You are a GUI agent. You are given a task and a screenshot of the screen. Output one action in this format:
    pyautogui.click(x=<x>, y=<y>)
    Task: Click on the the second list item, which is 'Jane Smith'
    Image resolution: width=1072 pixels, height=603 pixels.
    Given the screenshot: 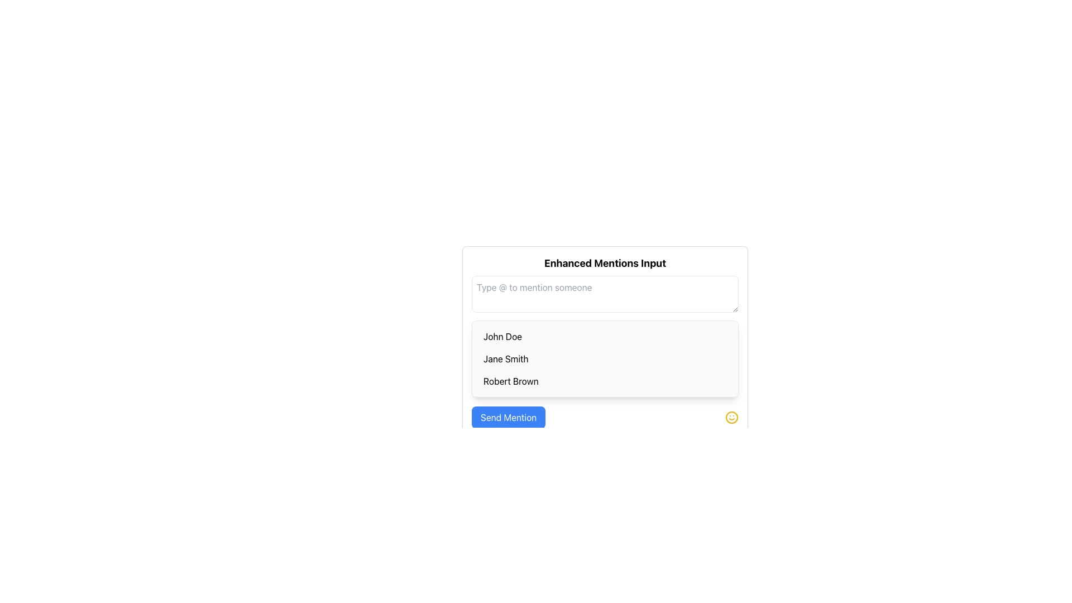 What is the action you would take?
    pyautogui.click(x=605, y=359)
    